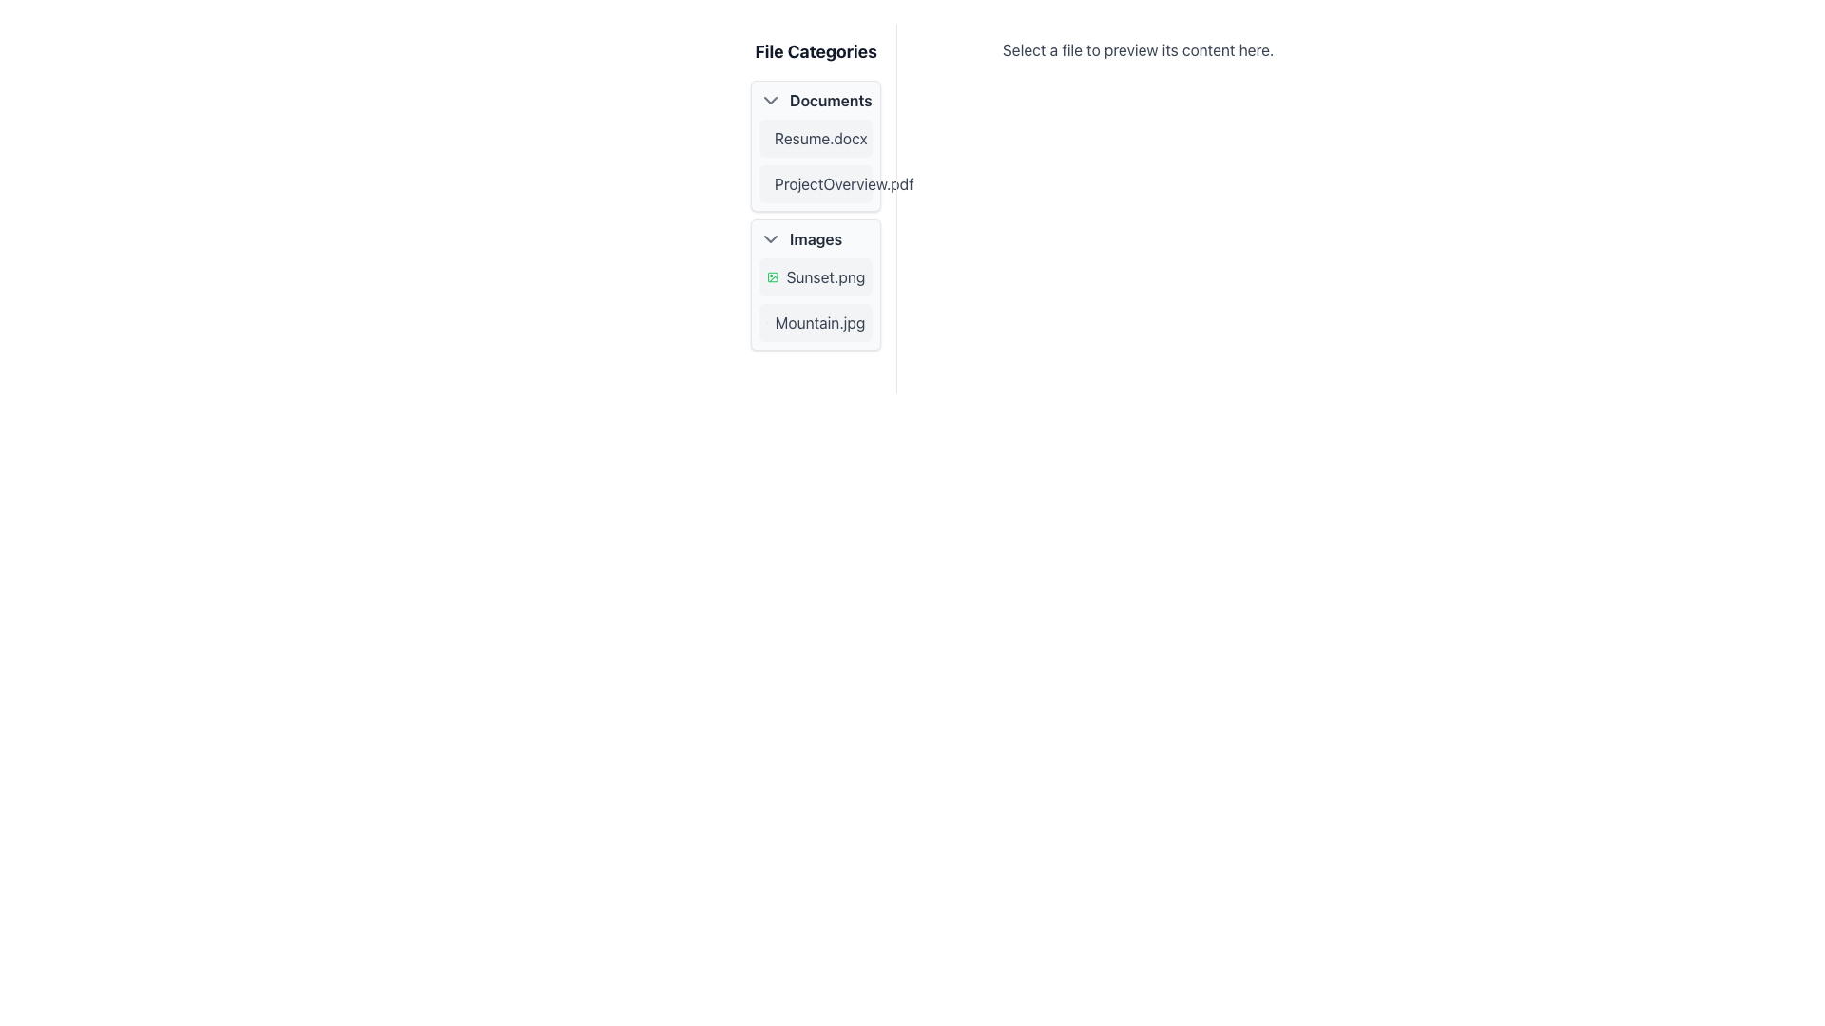  Describe the element at coordinates (778, 138) in the screenshot. I see `the document icon representing the file type for 'Résumé.docx' located in the 'Documents' subsection of the 'File Categories' panel` at that location.